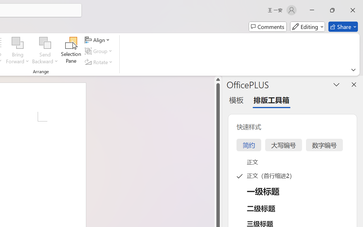 The height and width of the screenshot is (227, 363). I want to click on 'Send Backward', so click(45, 51).